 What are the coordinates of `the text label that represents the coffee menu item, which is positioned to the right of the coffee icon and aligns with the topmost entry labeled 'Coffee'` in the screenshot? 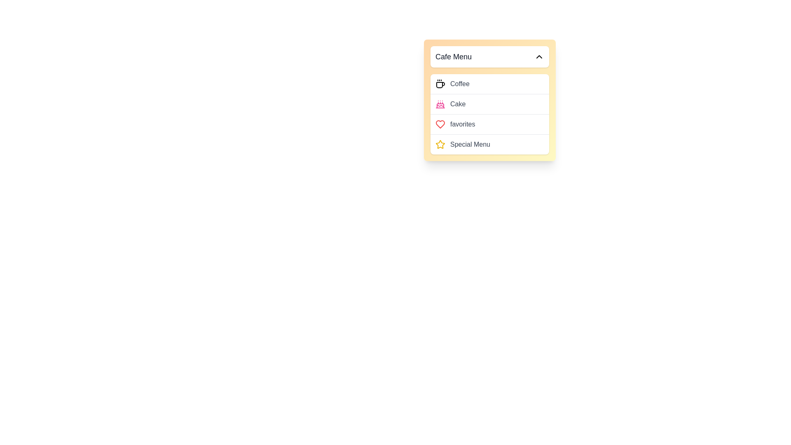 It's located at (459, 84).